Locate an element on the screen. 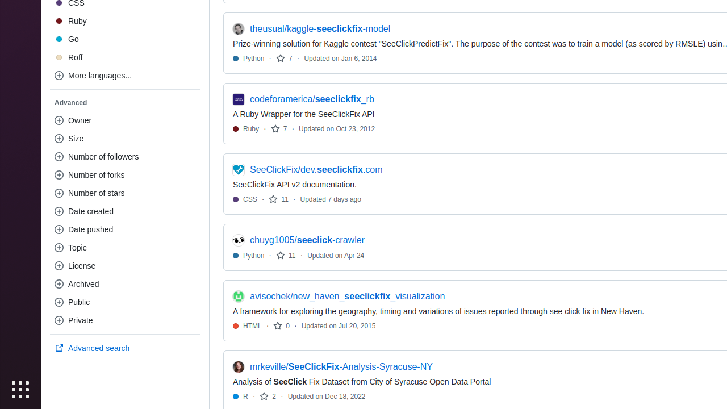  '‎License‎' is located at coordinates (125, 266).